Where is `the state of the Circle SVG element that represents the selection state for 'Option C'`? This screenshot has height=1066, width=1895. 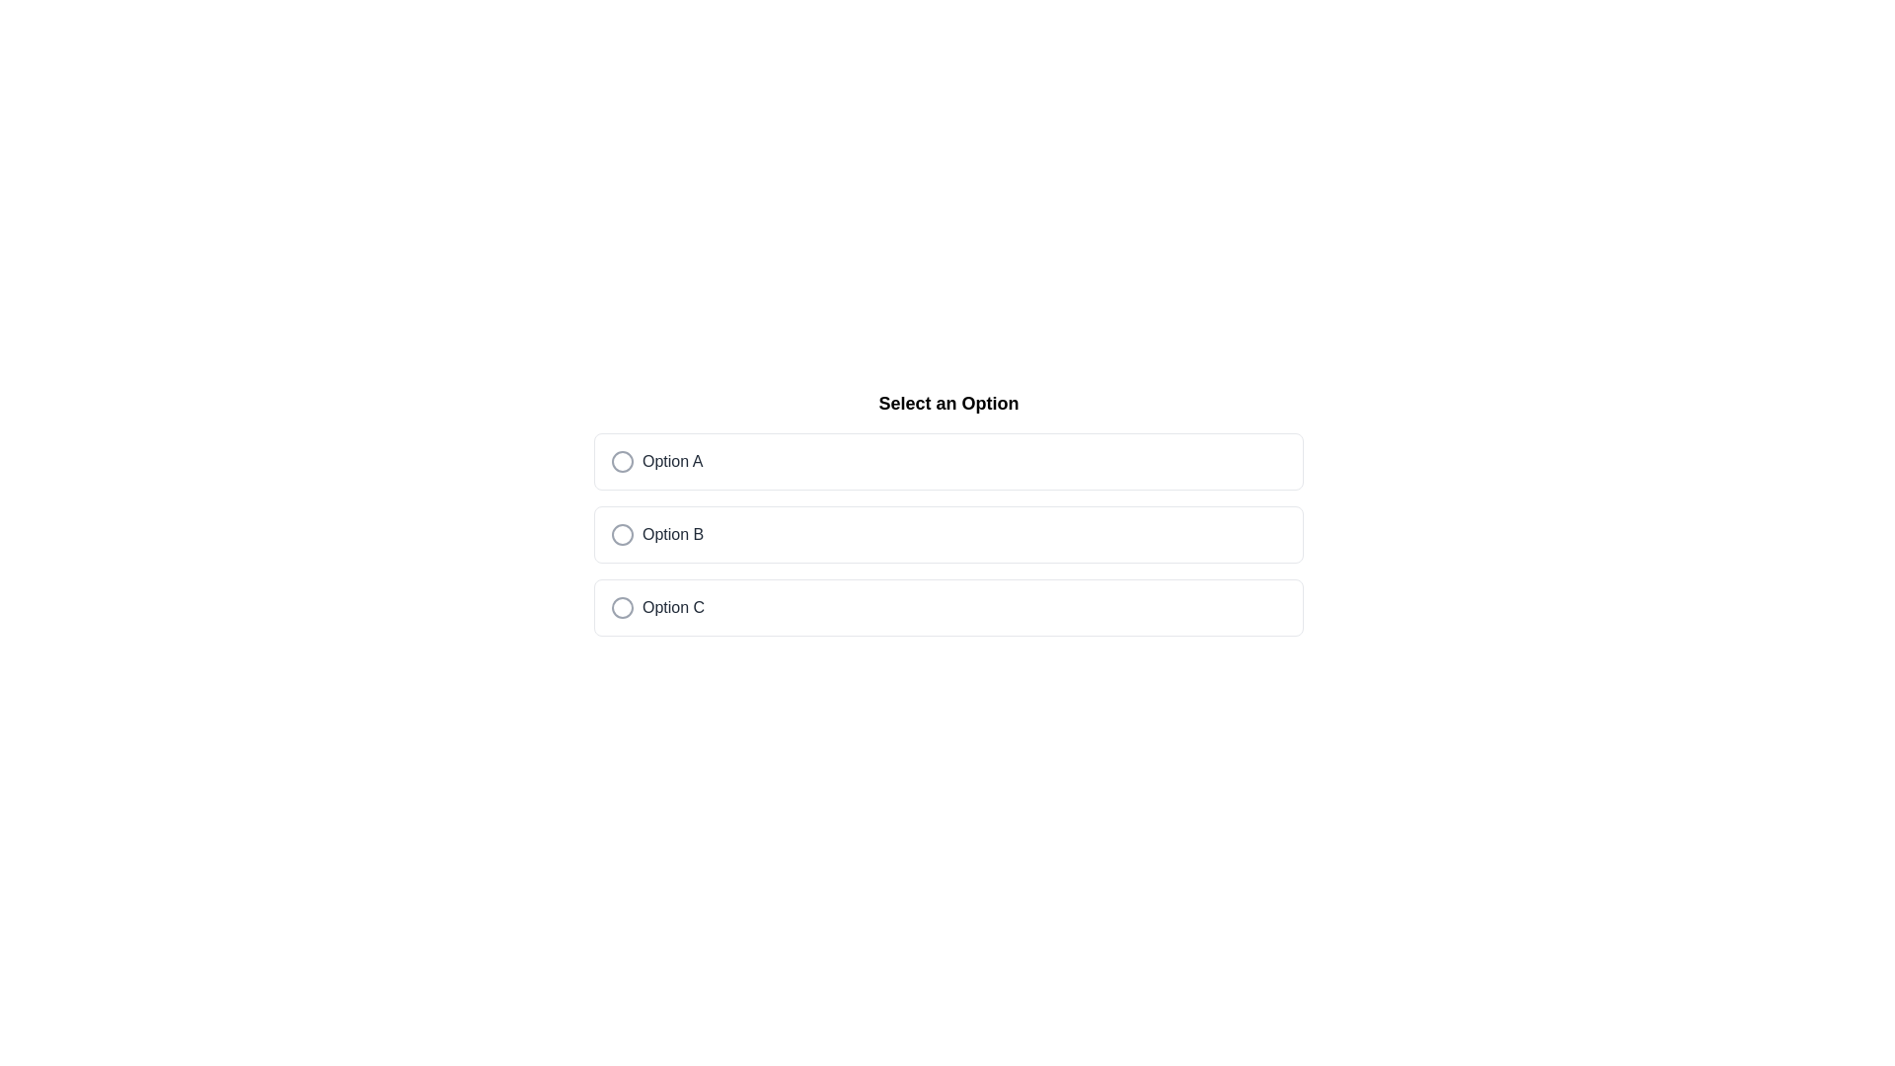
the state of the Circle SVG element that represents the selection state for 'Option C' is located at coordinates (621, 607).